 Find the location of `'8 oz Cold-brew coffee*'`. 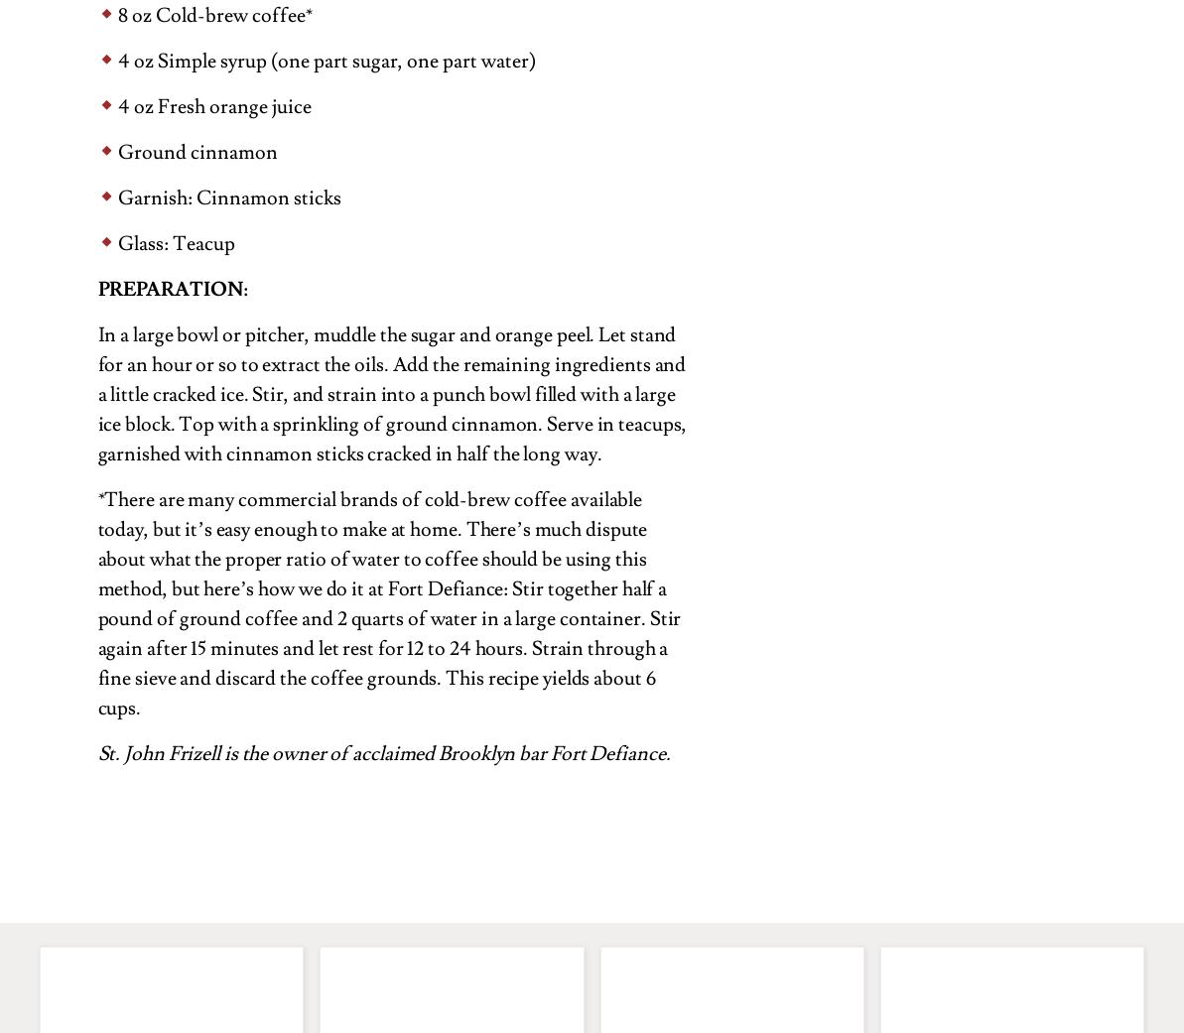

'8 oz Cold-brew coffee*' is located at coordinates (213, 13).